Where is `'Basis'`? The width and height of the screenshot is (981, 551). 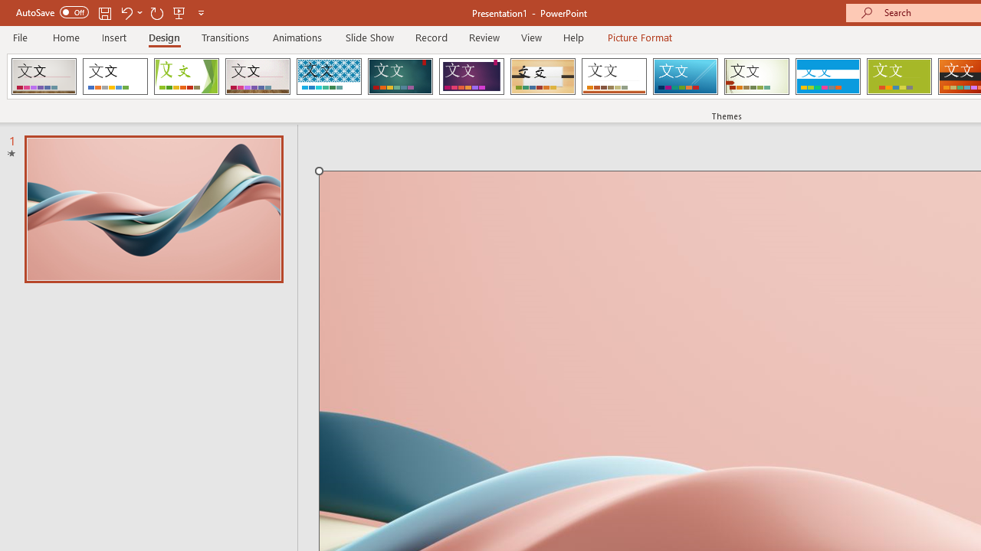 'Basis' is located at coordinates (899, 77).